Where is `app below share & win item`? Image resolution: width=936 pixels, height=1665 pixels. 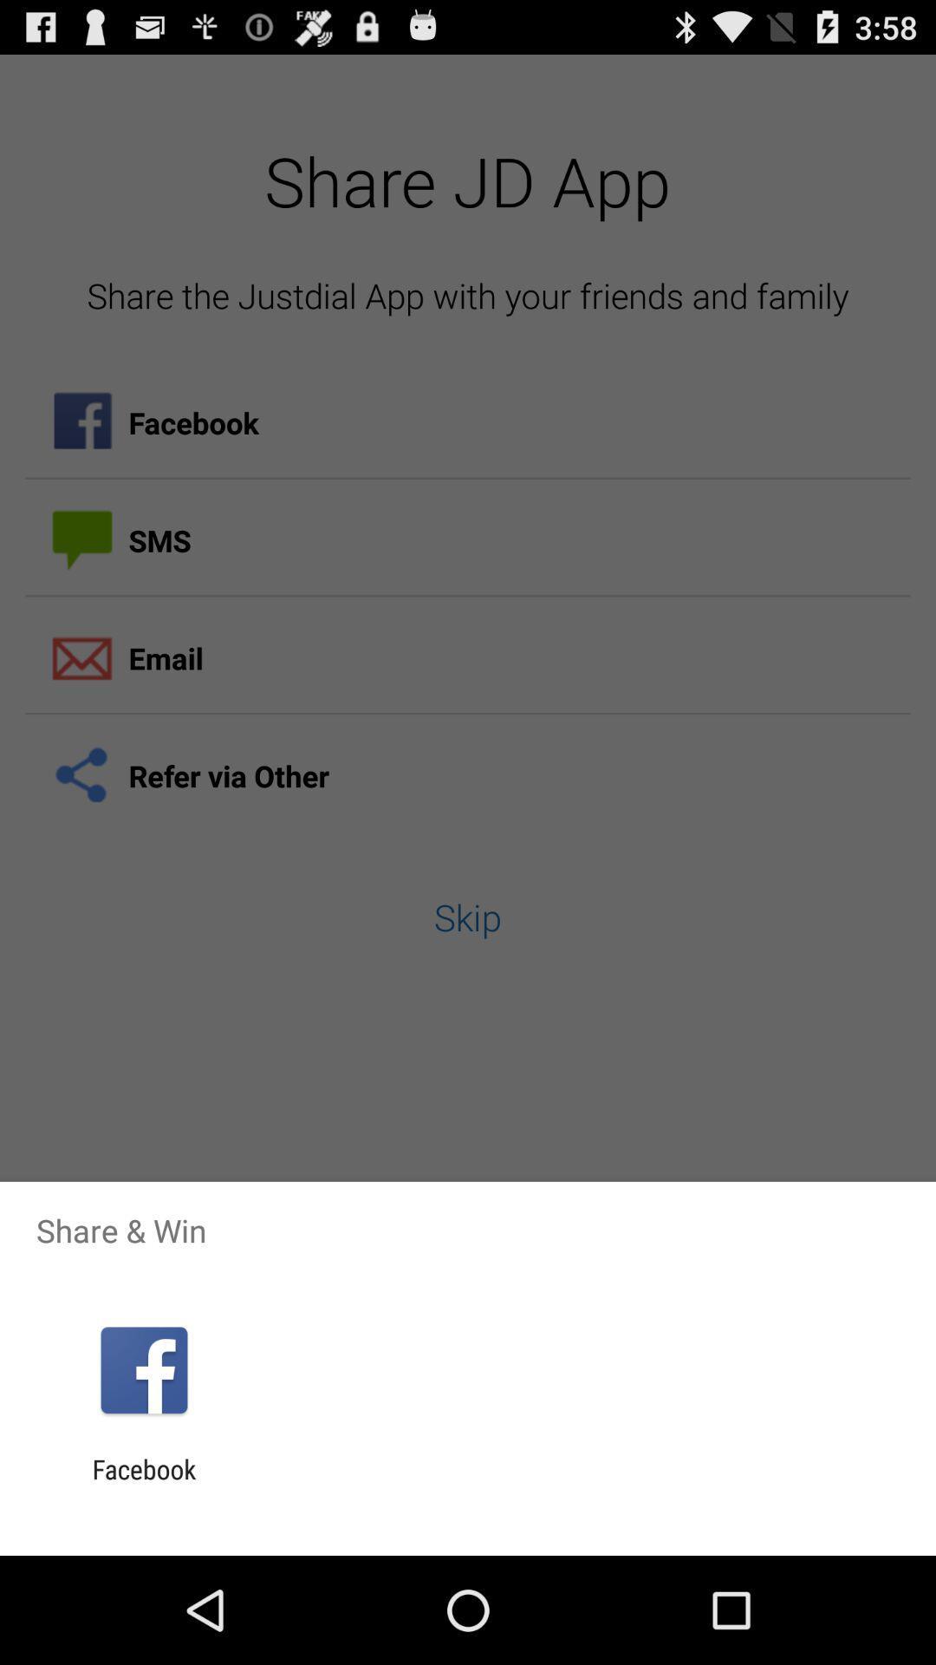 app below share & win item is located at coordinates (143, 1369).